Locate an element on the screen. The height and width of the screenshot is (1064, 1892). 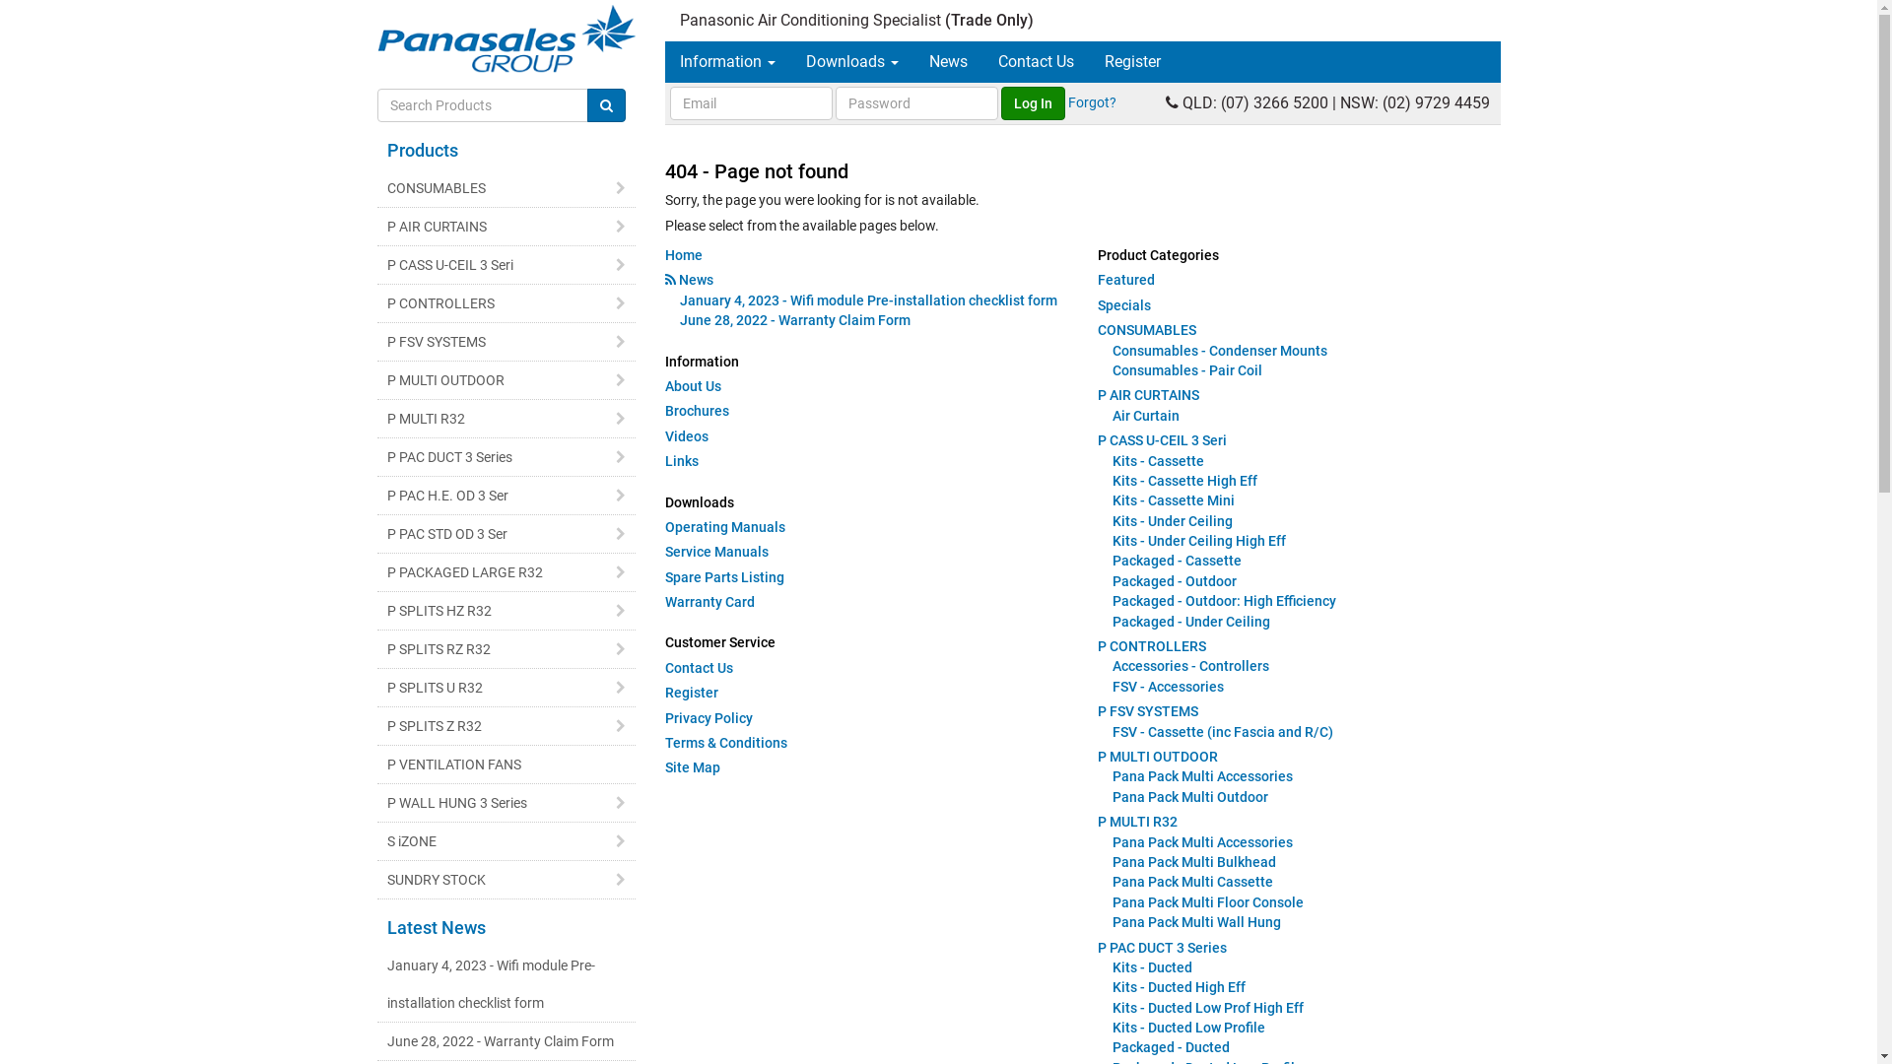
'P AIR CURTAINS' is located at coordinates (506, 226).